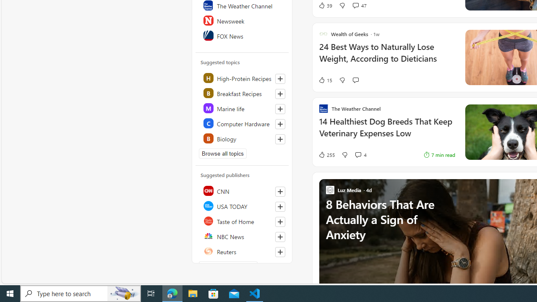 Image resolution: width=537 pixels, height=302 pixels. Describe the element at coordinates (280, 251) in the screenshot. I see `'Follow this source'` at that location.